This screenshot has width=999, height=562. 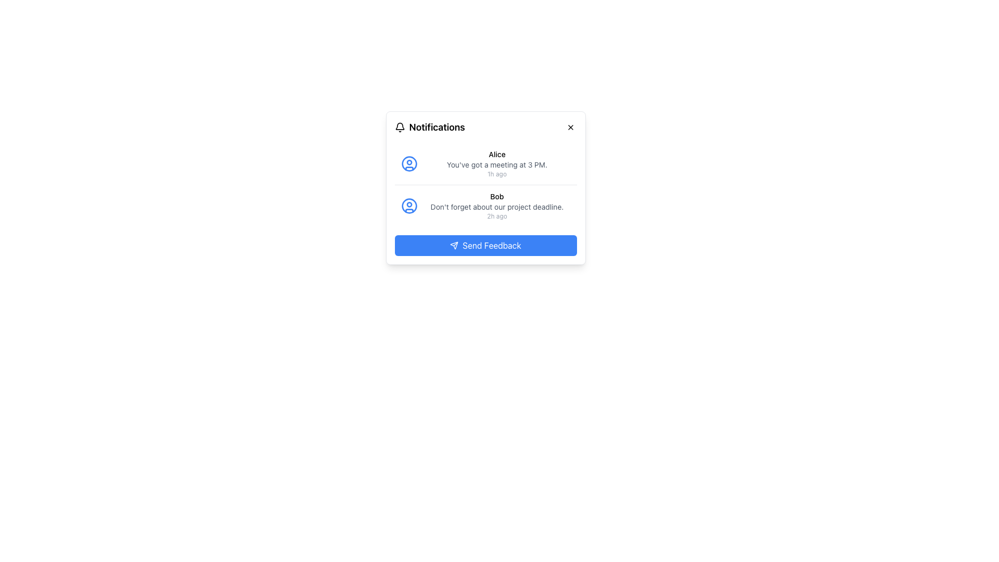 What do you see at coordinates (399, 127) in the screenshot?
I see `the notification icon located at the top-left corner of the 'Notifications' section, which is the first element in the row before the text 'Notifications'` at bounding box center [399, 127].